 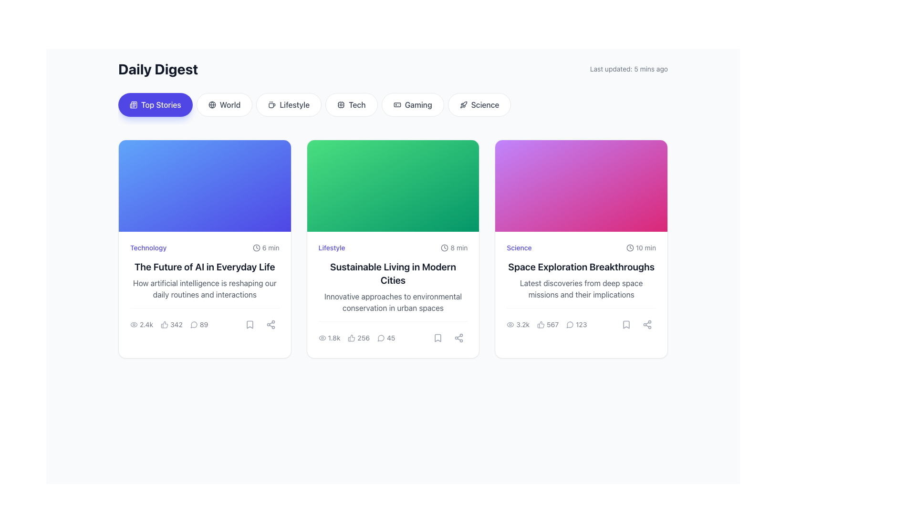 I want to click on the visibility icon (SVG graphic) located at the bottom of the first card, which is the leftmost component of a group that includes a numeric text ('2.4k'), so click(x=134, y=324).